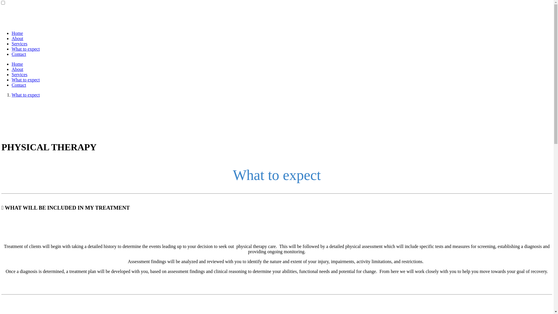  I want to click on 'Contact', so click(19, 85).